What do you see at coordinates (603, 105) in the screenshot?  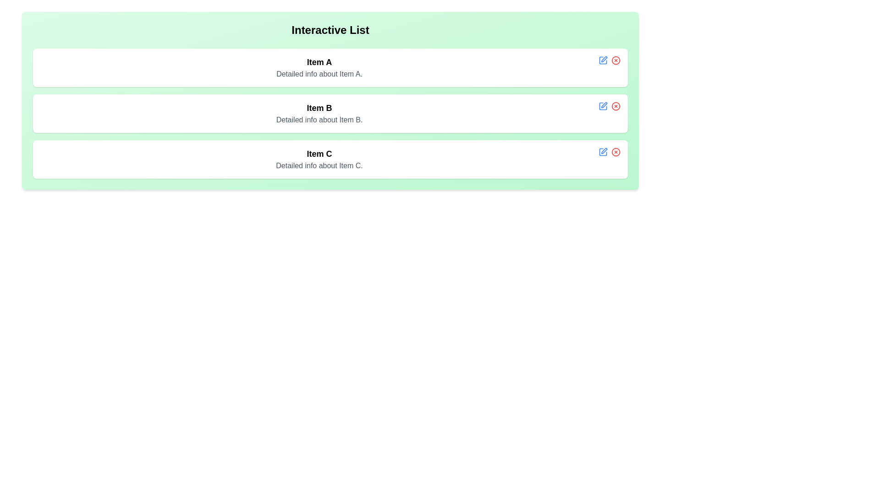 I see `the graphical icon element that signifies interaction, located to the left of the cancel button in the interactive list` at bounding box center [603, 105].